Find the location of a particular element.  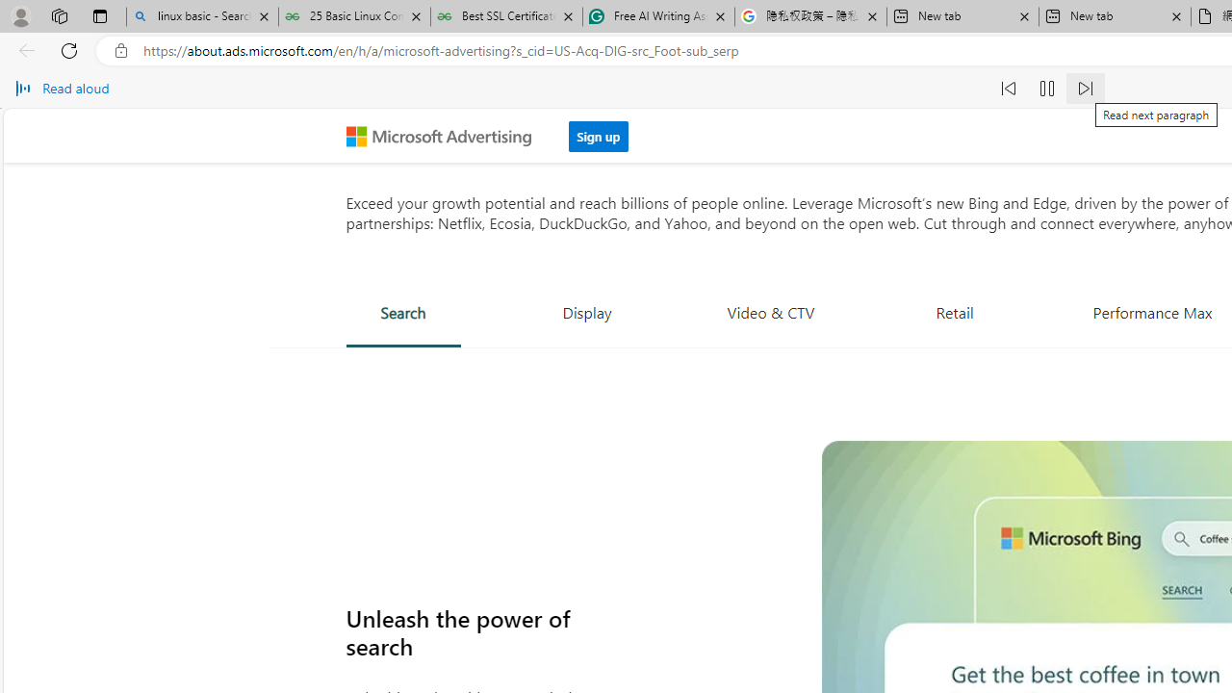

'Sign up' is located at coordinates (598, 135).